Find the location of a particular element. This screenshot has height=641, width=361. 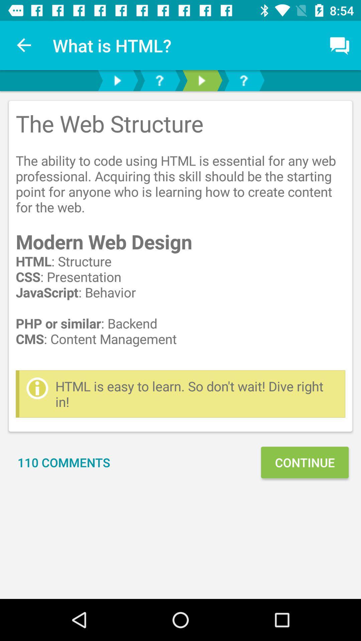

the 110 comments item is located at coordinates (64, 462).